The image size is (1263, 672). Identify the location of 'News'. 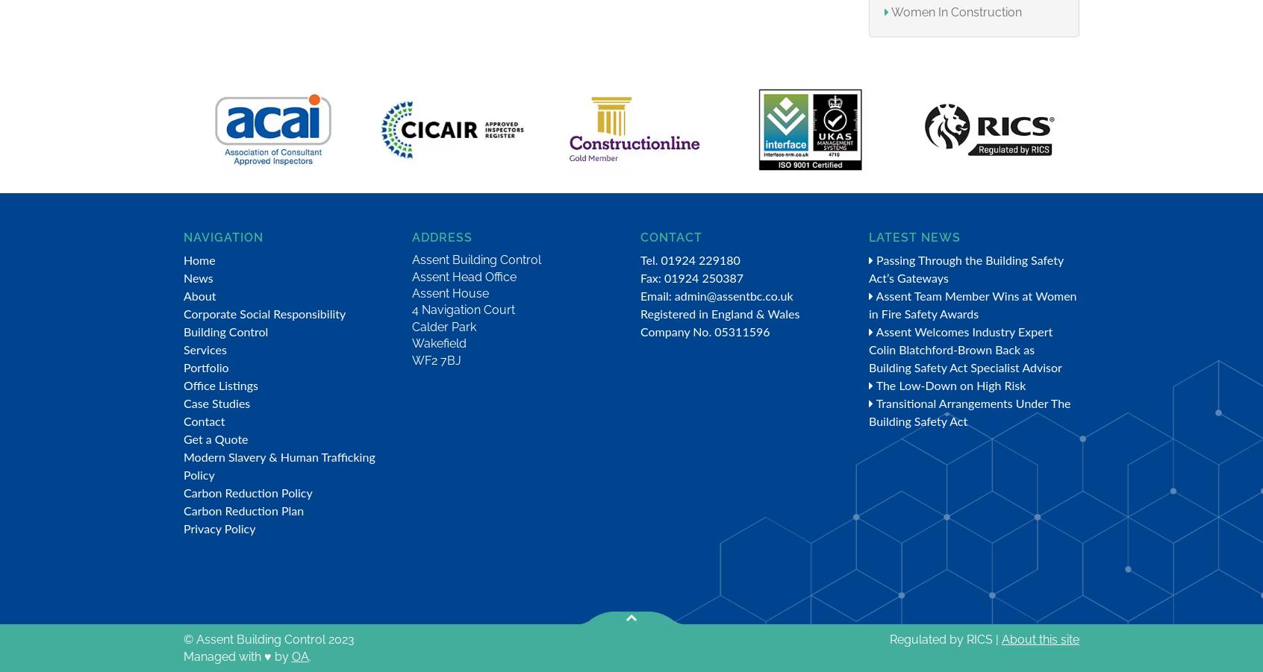
(198, 278).